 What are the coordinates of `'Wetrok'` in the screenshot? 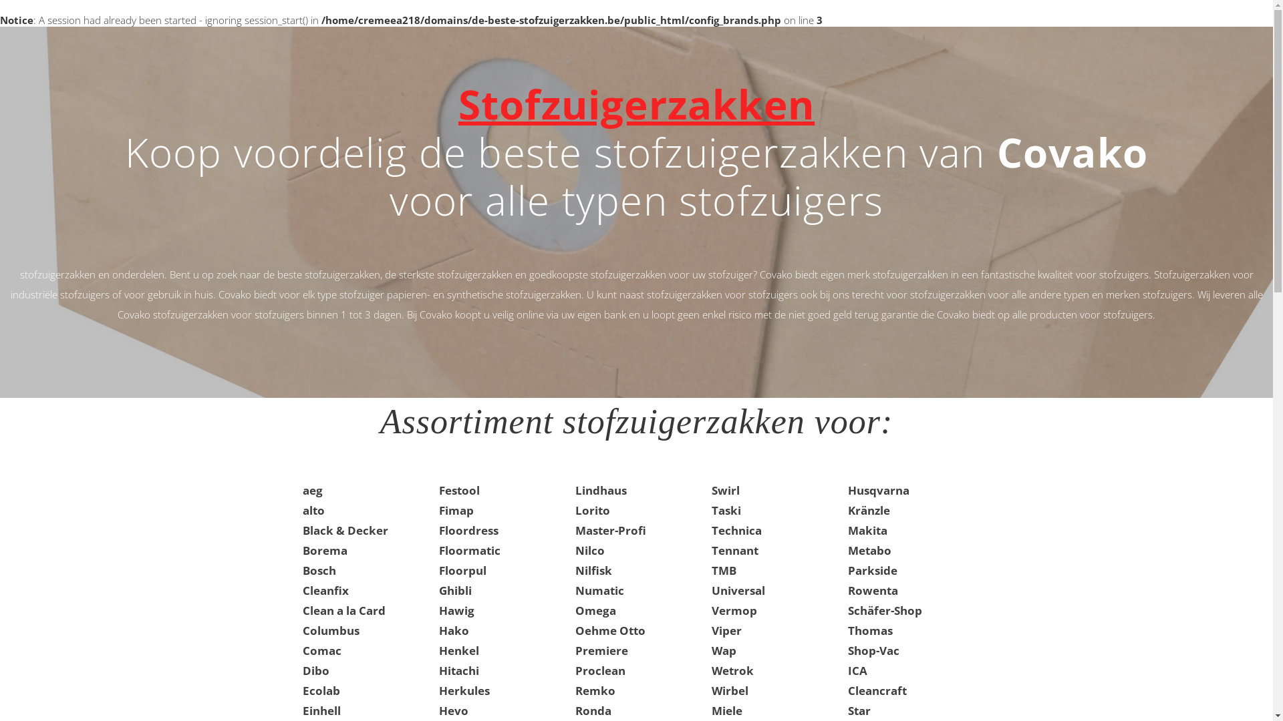 It's located at (731, 670).